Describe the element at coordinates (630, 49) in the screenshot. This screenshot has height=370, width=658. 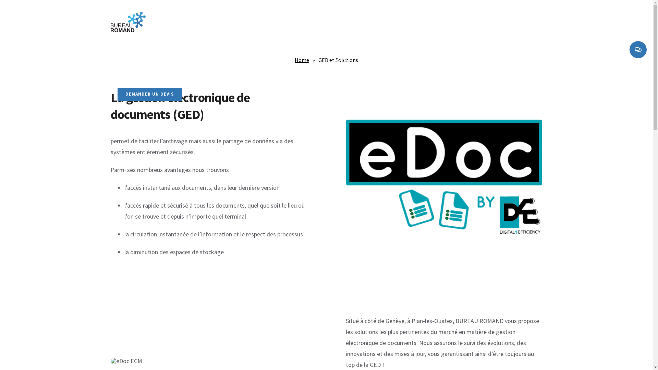
I see `'Bascule de la zone de la barre coulissante'` at that location.